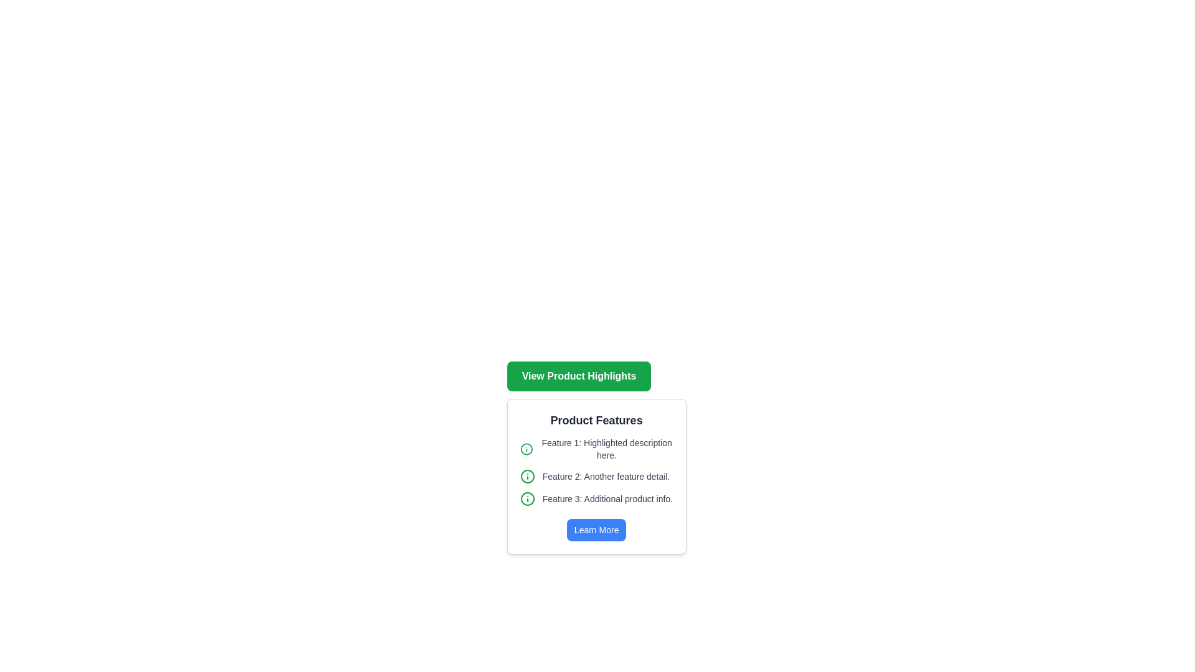 The height and width of the screenshot is (672, 1195). What do you see at coordinates (527, 449) in the screenshot?
I see `the green circular icon with an exclamation mark located next to the text 'Feature 1: Highlighted description here.'` at bounding box center [527, 449].